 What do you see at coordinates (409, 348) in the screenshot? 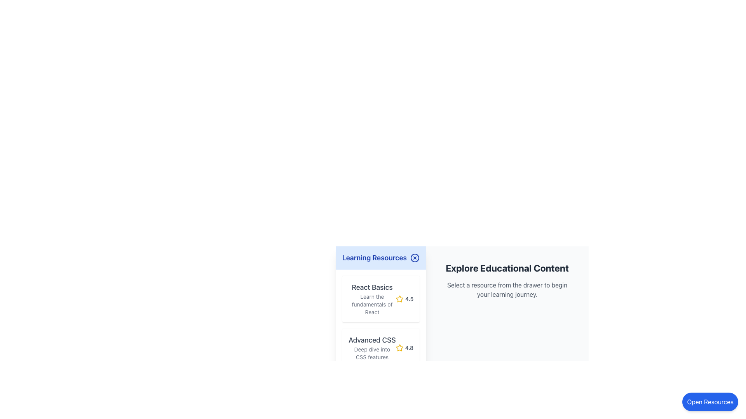
I see `the static text label displaying the rating value for the 'Advanced CSS' resource card in the 'Learning Resources' section, located to the right of the star icon` at bounding box center [409, 348].